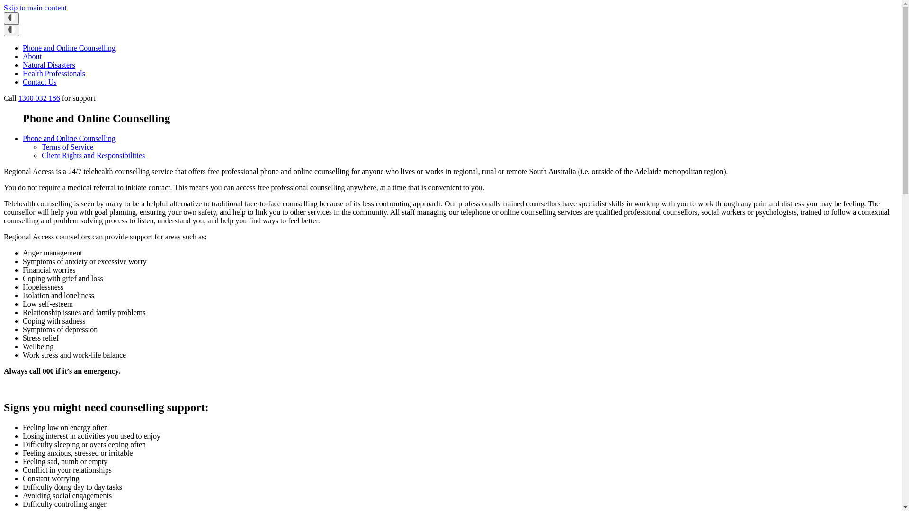  What do you see at coordinates (23, 56) in the screenshot?
I see `'About'` at bounding box center [23, 56].